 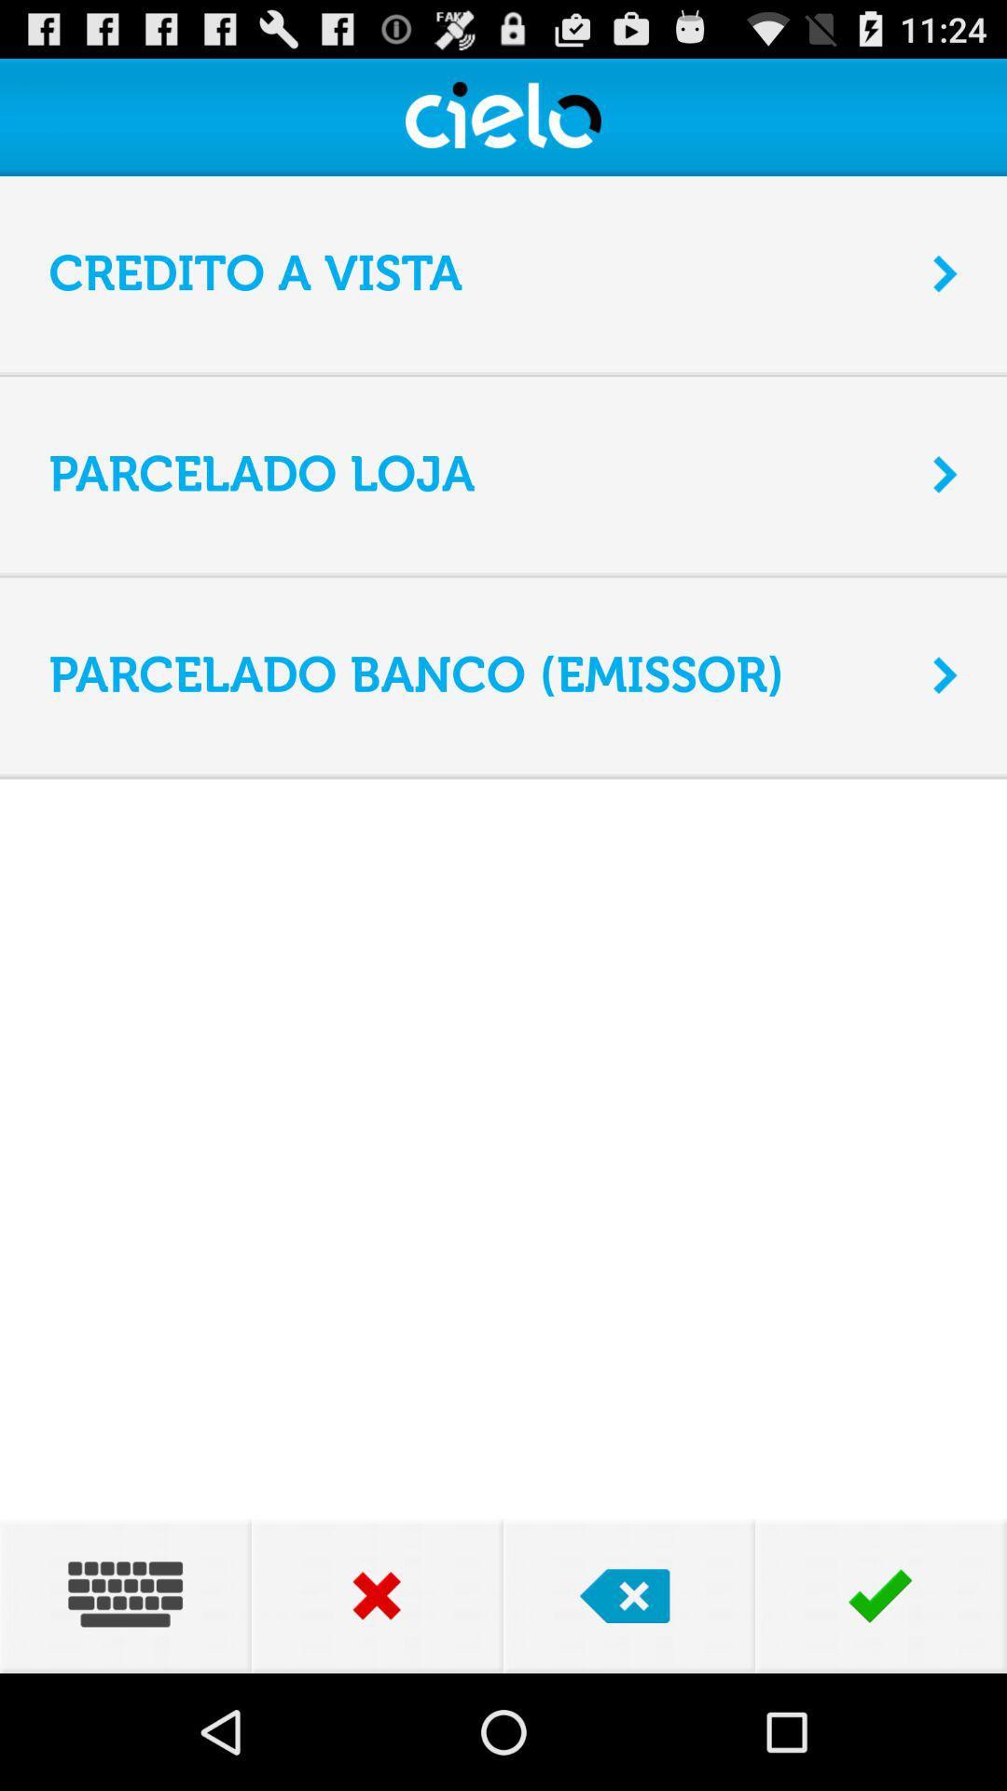 What do you see at coordinates (945, 474) in the screenshot?
I see `the app next to parcelado loja` at bounding box center [945, 474].